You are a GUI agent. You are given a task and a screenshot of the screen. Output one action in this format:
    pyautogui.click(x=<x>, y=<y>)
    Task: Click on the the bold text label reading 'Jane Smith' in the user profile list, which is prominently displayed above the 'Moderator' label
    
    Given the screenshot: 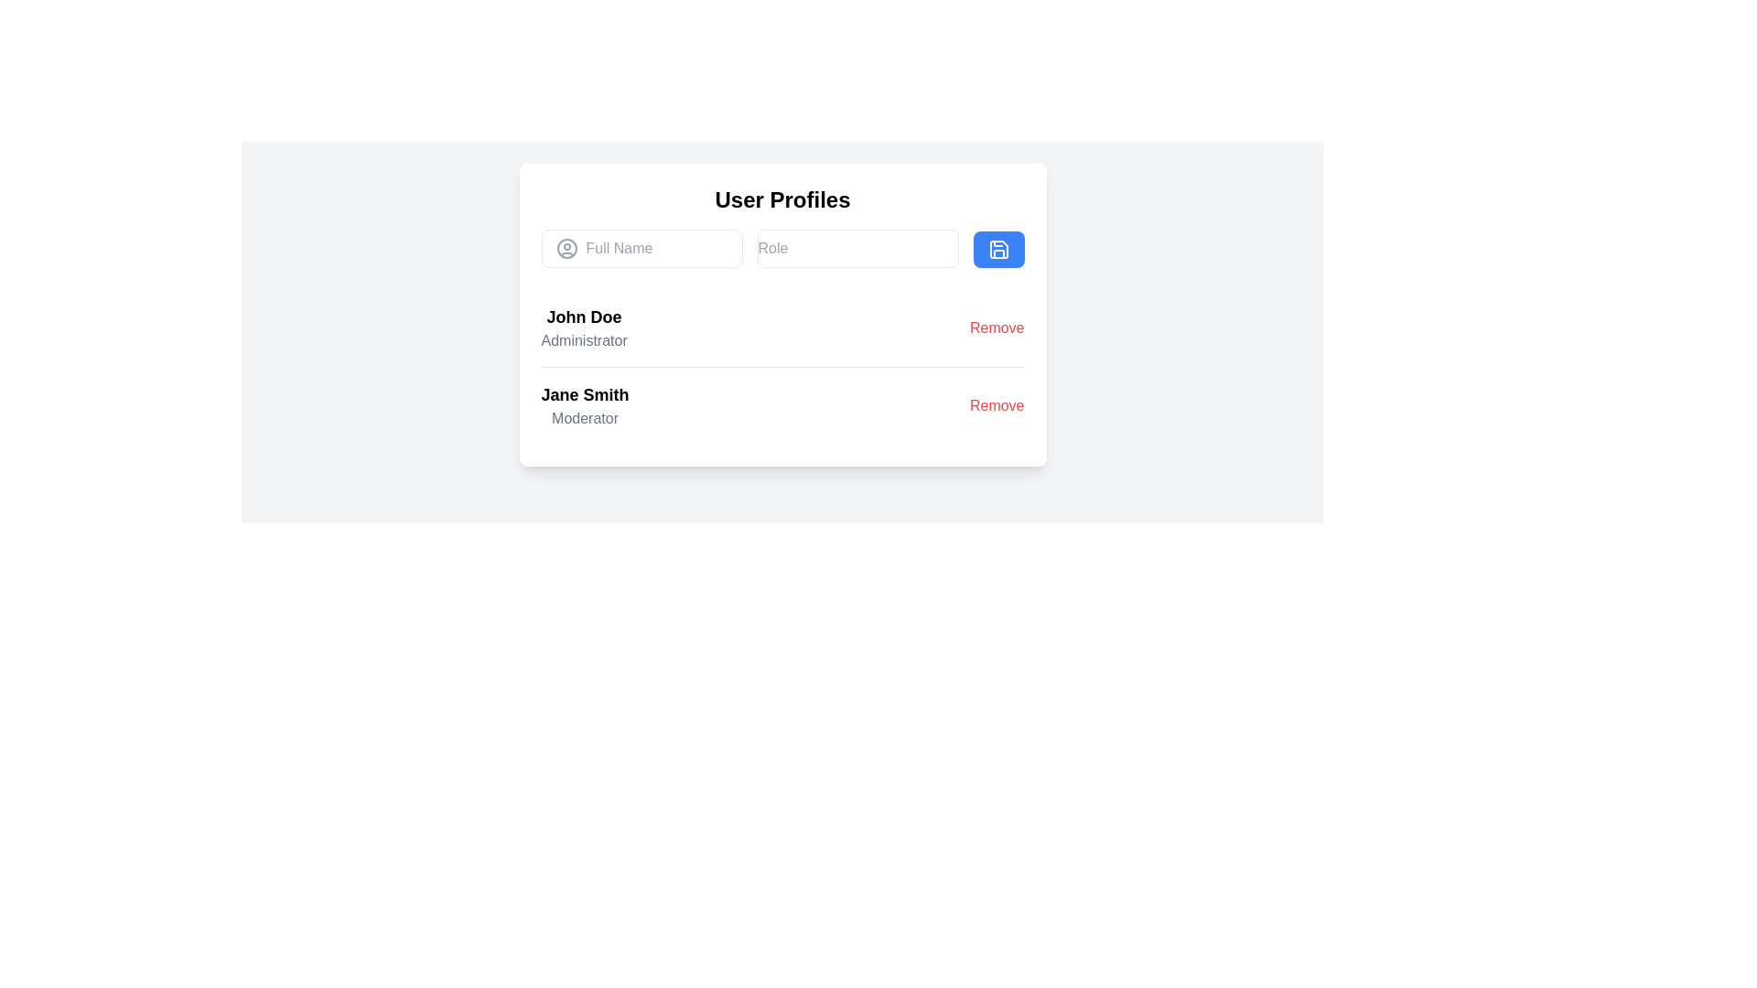 What is the action you would take?
    pyautogui.click(x=584, y=394)
    